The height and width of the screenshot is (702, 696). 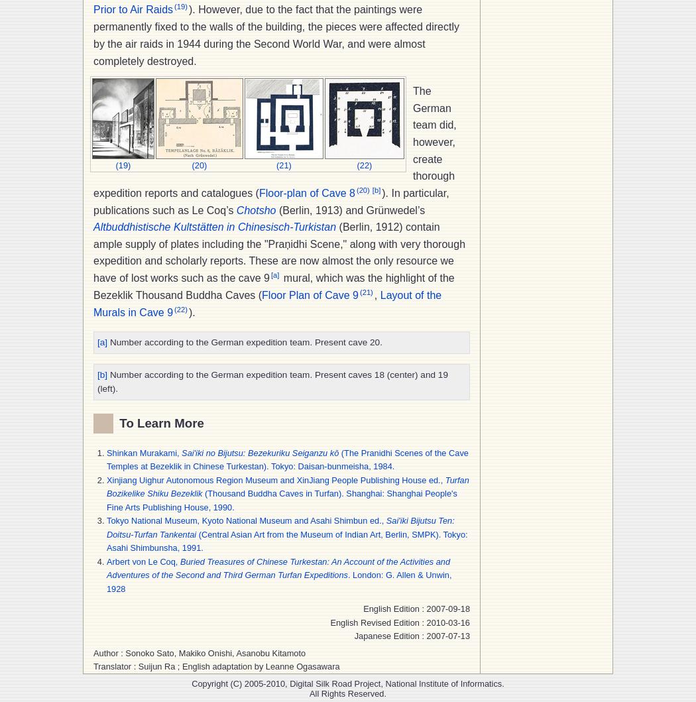 I want to click on 'Floor-plan of Cave 8', so click(x=258, y=193).